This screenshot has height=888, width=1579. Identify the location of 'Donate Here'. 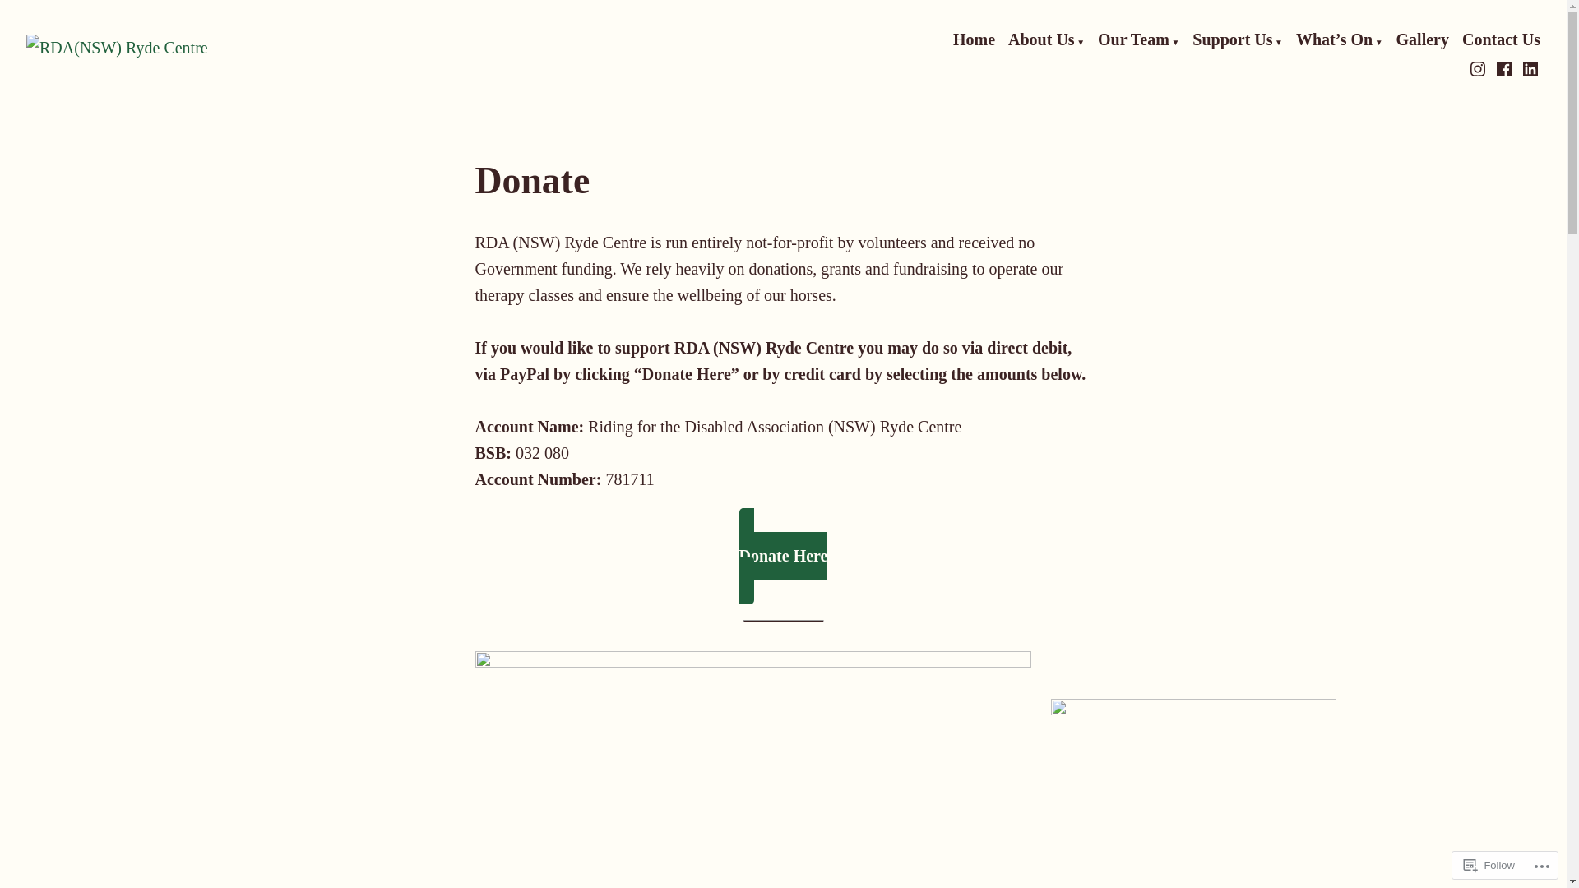
(783, 555).